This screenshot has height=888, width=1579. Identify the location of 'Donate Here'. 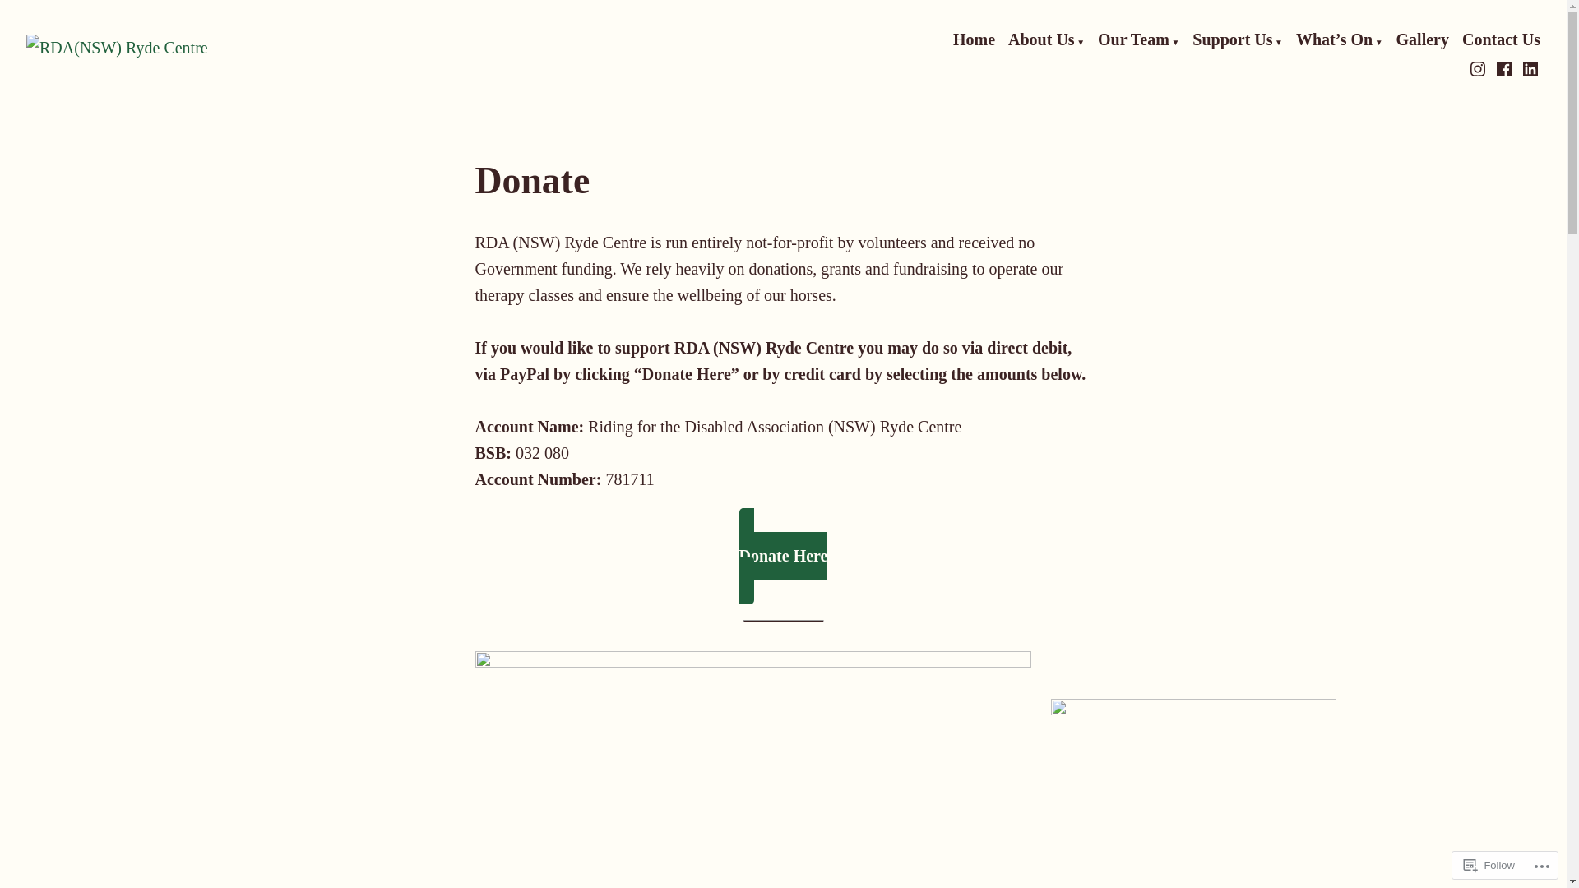
(783, 555).